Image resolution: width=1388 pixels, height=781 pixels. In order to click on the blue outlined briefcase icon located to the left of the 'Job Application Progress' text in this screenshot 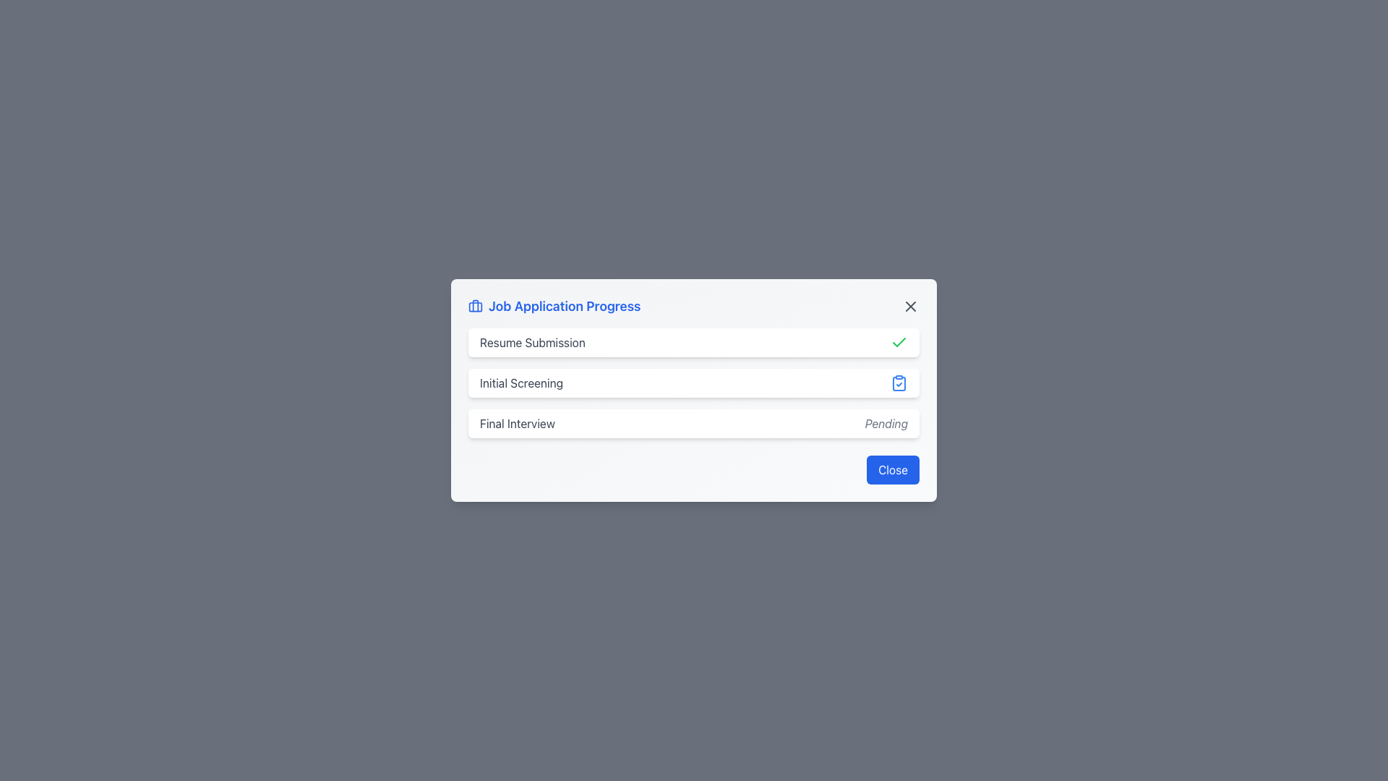, I will do `click(475, 306)`.